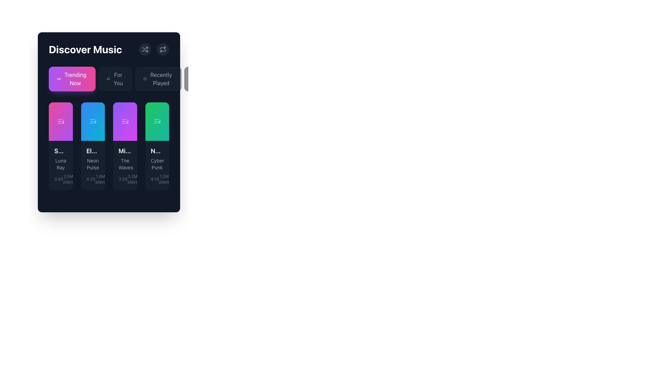 The height and width of the screenshot is (371, 660). What do you see at coordinates (61, 121) in the screenshot?
I see `the triangular play icon with a thin stroke, which is white over a pink-to-magenta gradient background, located within the first song card labeled 'S... Luna Ray' in the 'Trending Now' section to initiate playback` at bounding box center [61, 121].